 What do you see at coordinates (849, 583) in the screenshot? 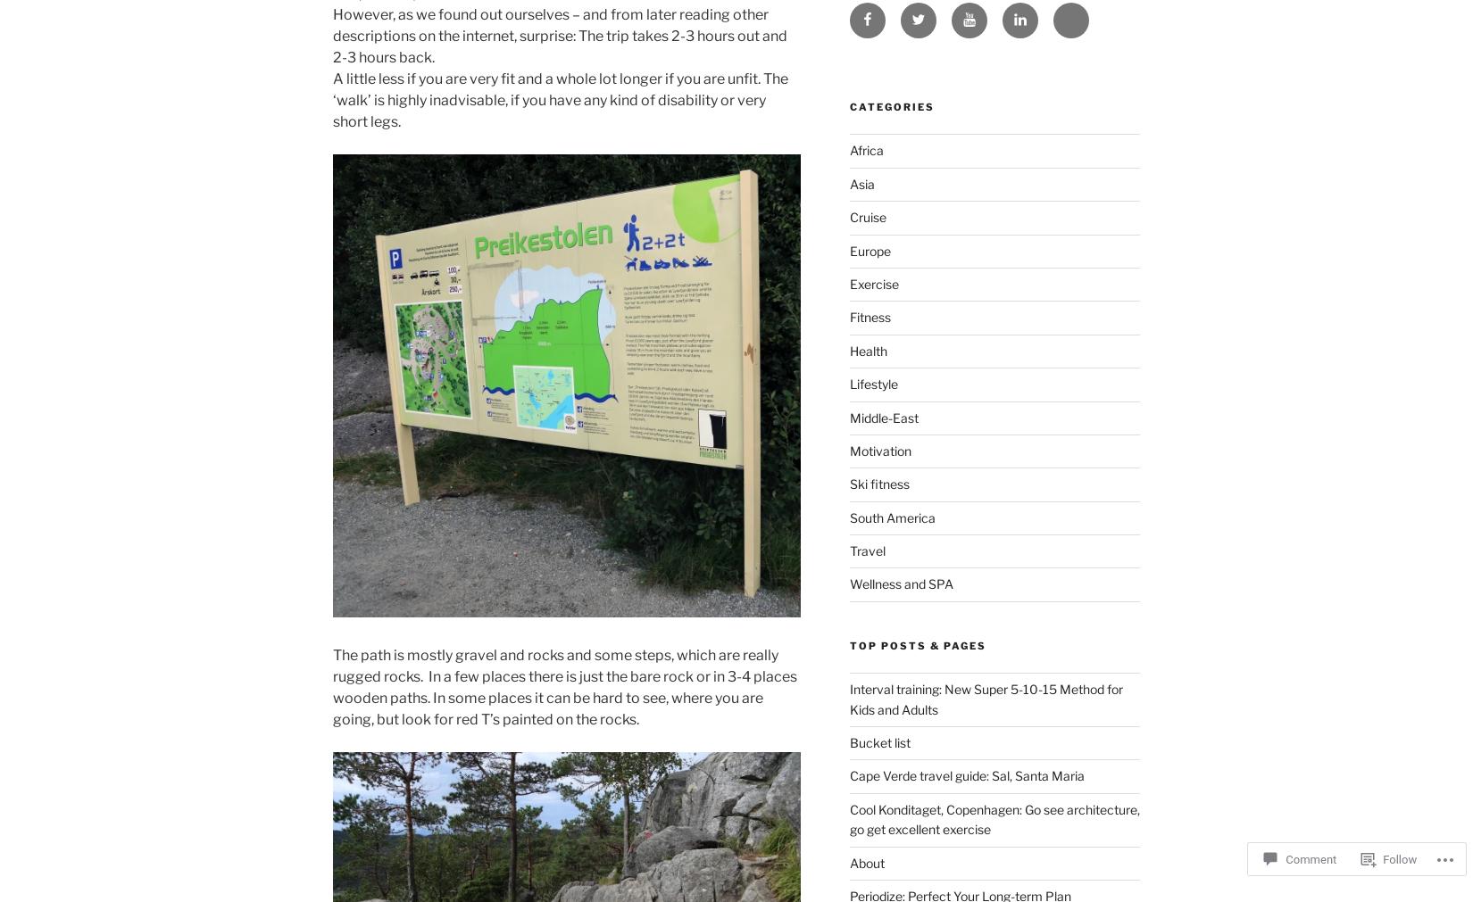
I see `'Wellness and SPA'` at bounding box center [849, 583].